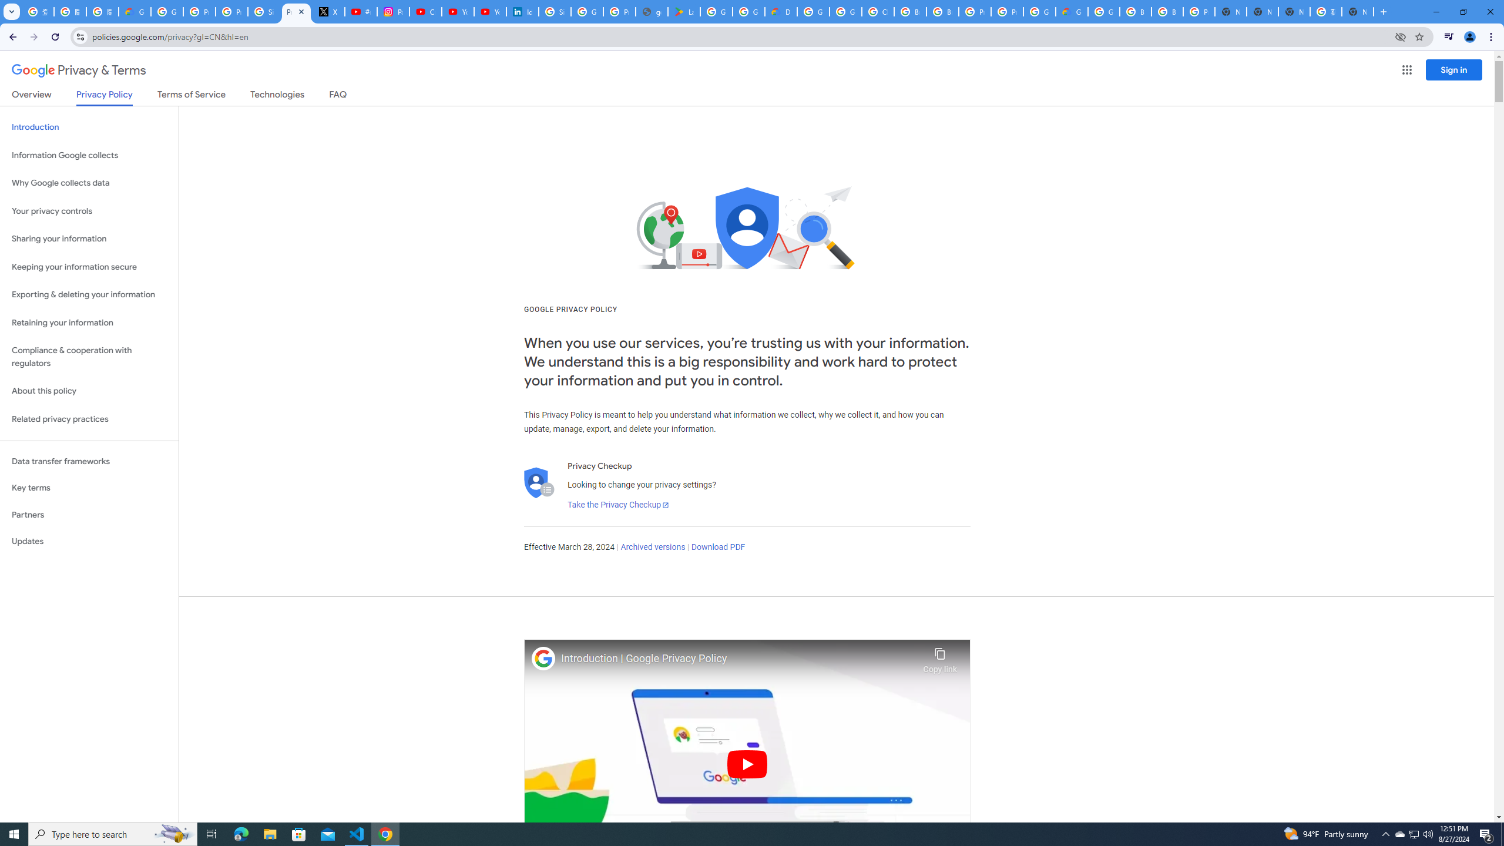  I want to click on 'Last Shelter: Survival - Apps on Google Play', so click(683, 11).